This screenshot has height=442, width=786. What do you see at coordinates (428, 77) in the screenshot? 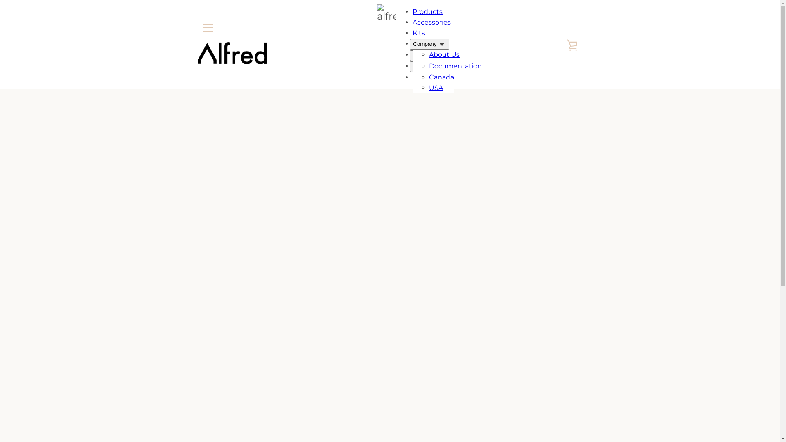
I see `'Canada'` at bounding box center [428, 77].